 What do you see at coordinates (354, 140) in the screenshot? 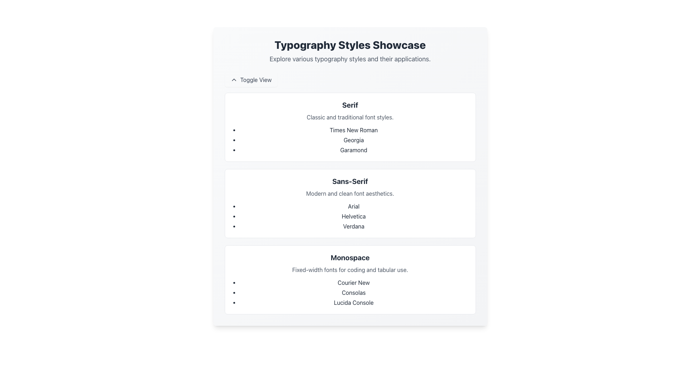
I see `the 'Georgia' text element, which serves as a label for the font family in the 'Serif' section of the interface, positioned between 'Times New Roman' and 'Garamond'` at bounding box center [354, 140].